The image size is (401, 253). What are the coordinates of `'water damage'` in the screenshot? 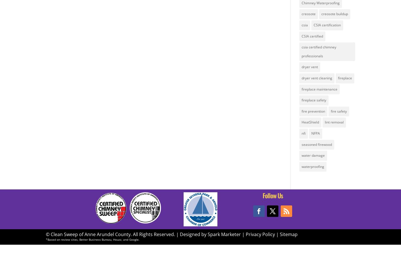 It's located at (313, 155).